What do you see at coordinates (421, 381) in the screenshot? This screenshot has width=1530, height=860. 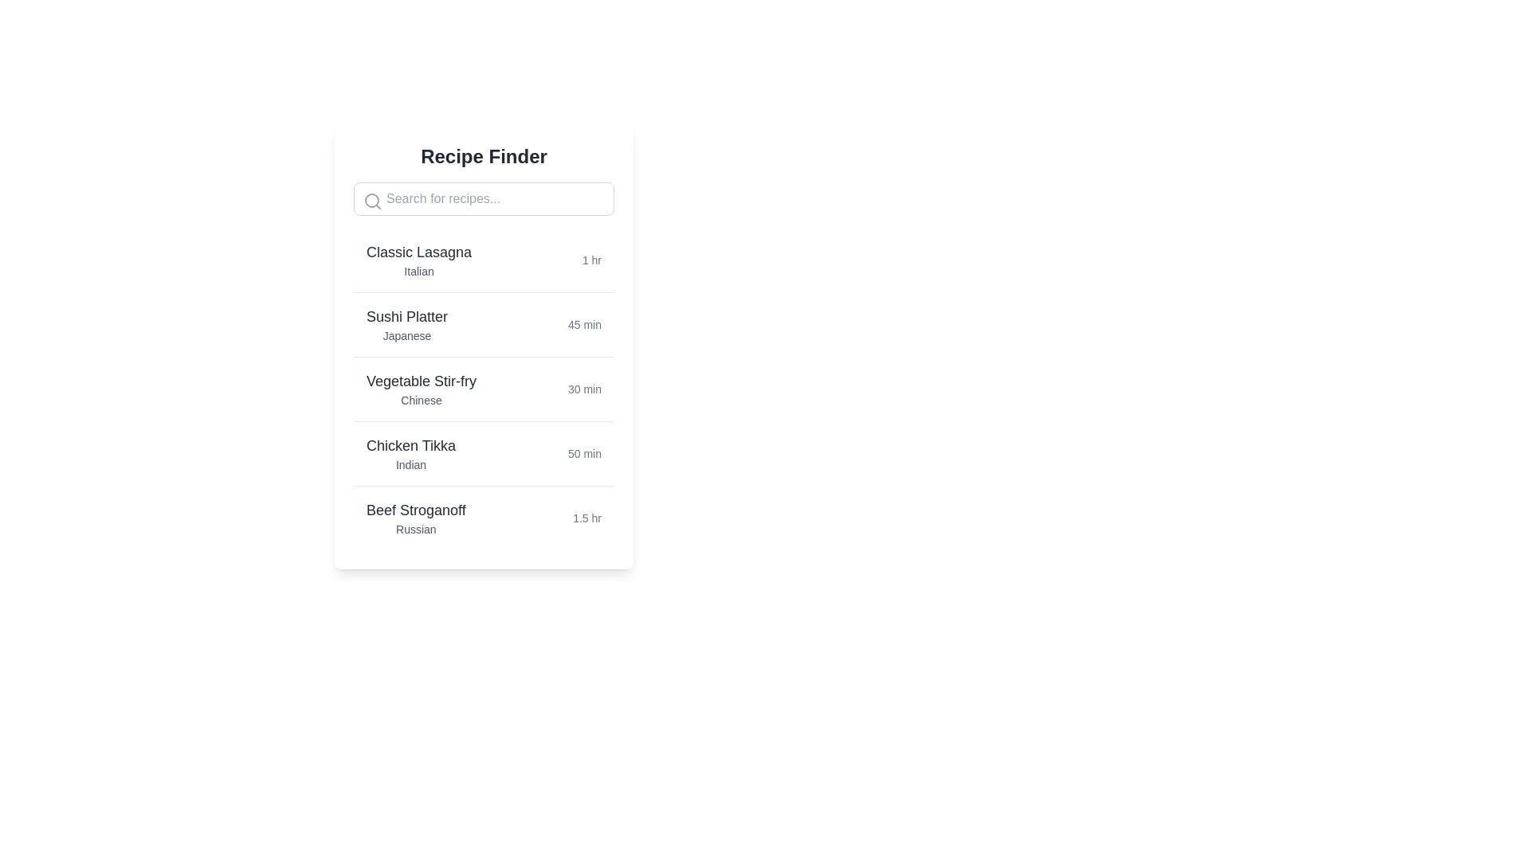 I see `the text label indicating the name of the dish in the recipe listing interface, which is positioned centrally below 'Sushi Platter' and above 'Chicken Tikka'` at bounding box center [421, 381].